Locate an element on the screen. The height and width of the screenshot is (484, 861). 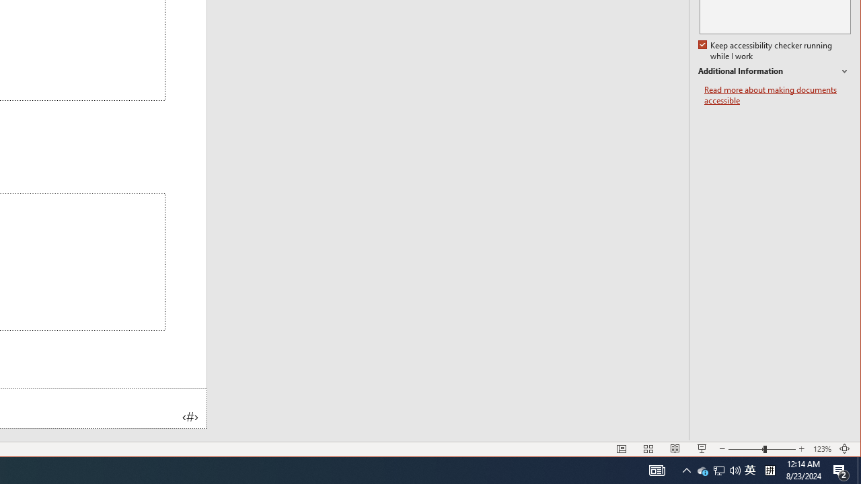
'Read more about making documents accessible' is located at coordinates (777, 95).